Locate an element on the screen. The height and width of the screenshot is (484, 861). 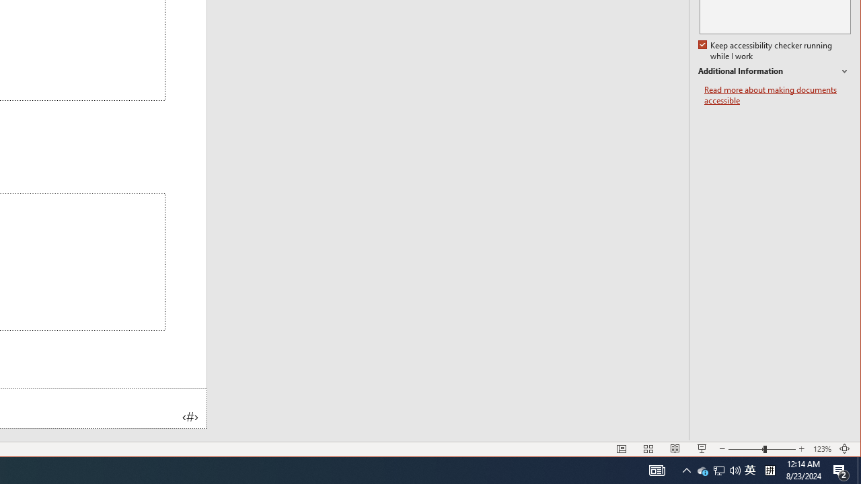
'Read more about making documents accessible' is located at coordinates (777, 95).